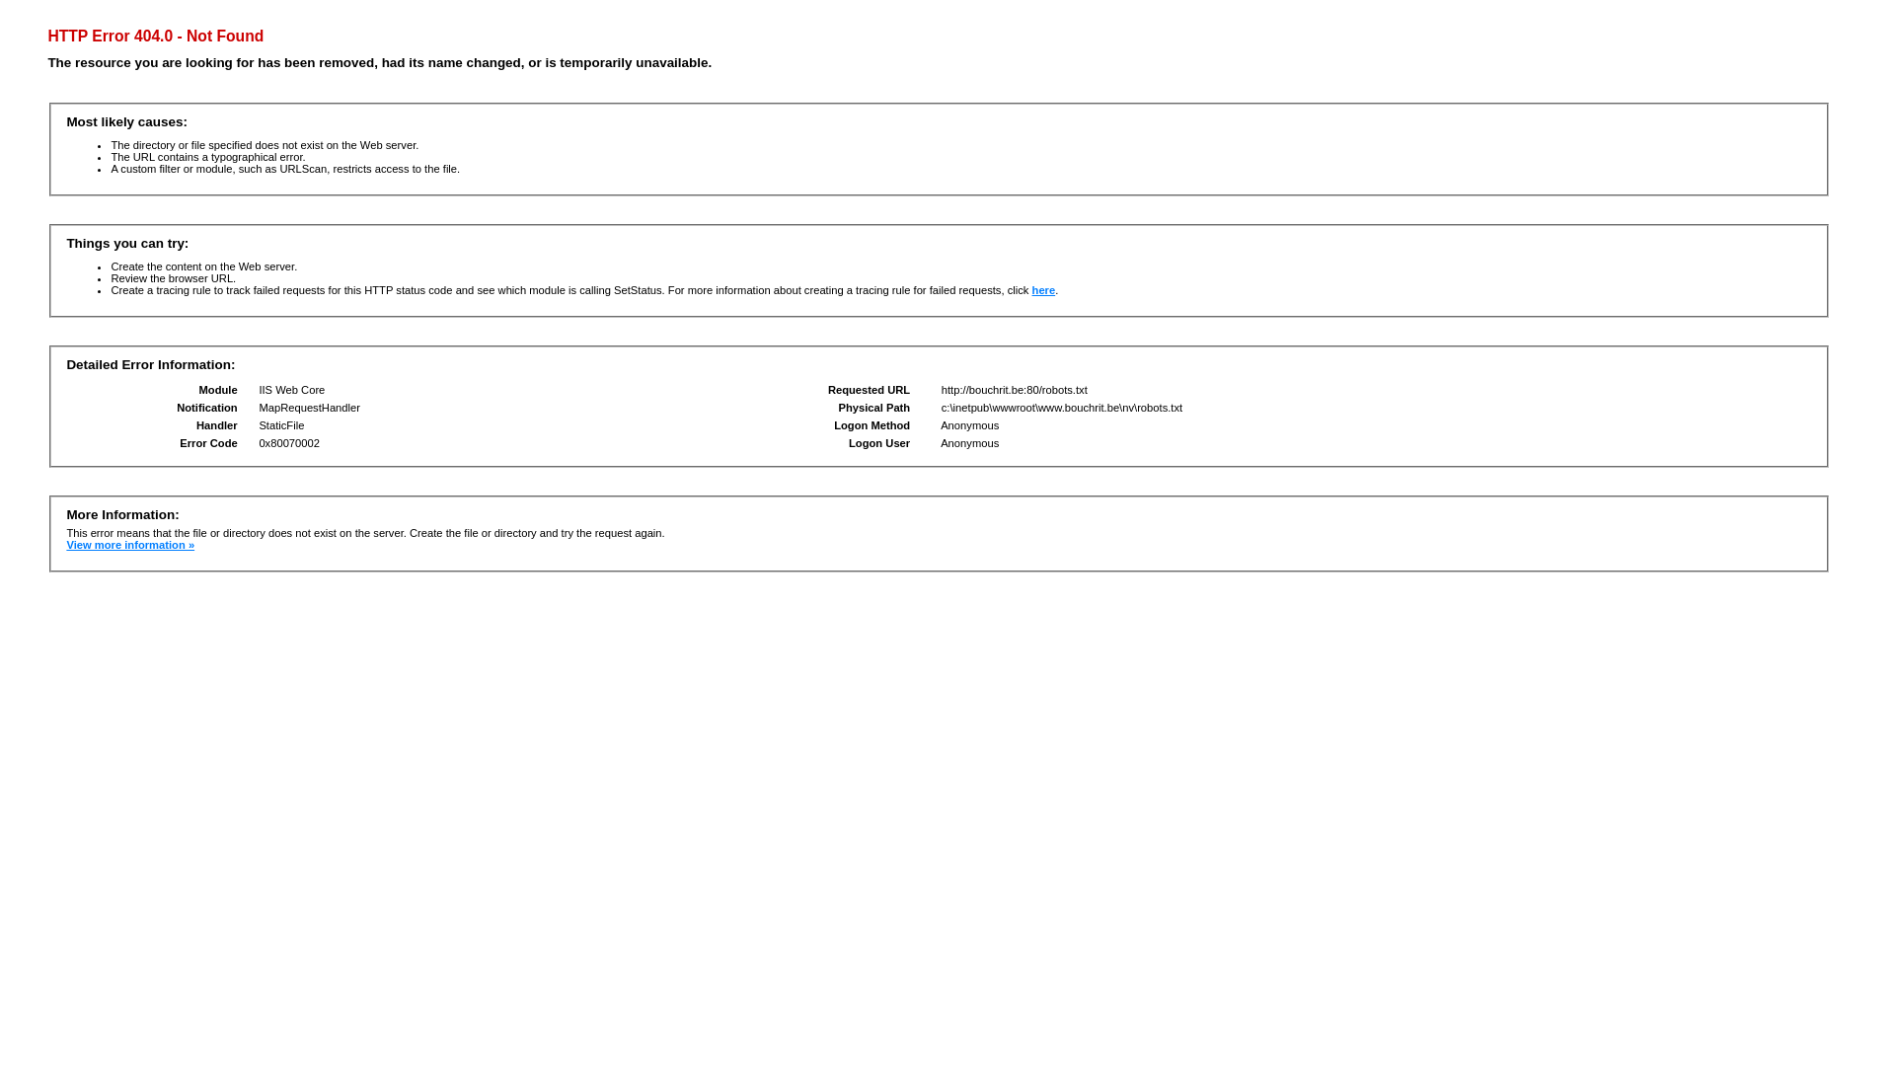  I want to click on 'here', so click(1042, 289).